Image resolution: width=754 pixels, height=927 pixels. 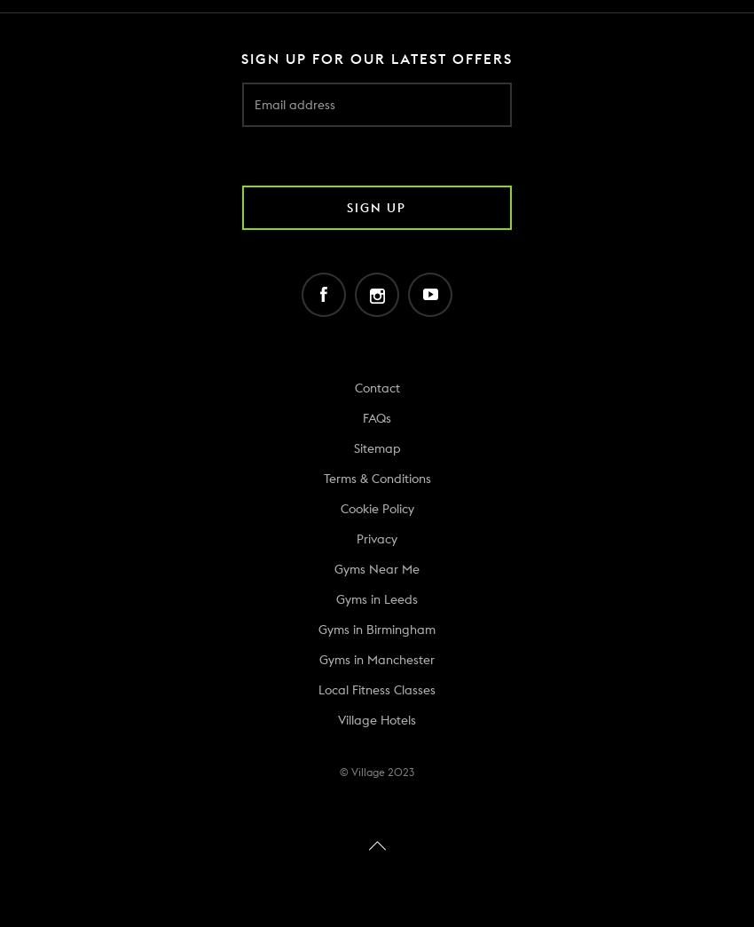 What do you see at coordinates (377, 628) in the screenshot?
I see `'Gyms in Birmingham'` at bounding box center [377, 628].